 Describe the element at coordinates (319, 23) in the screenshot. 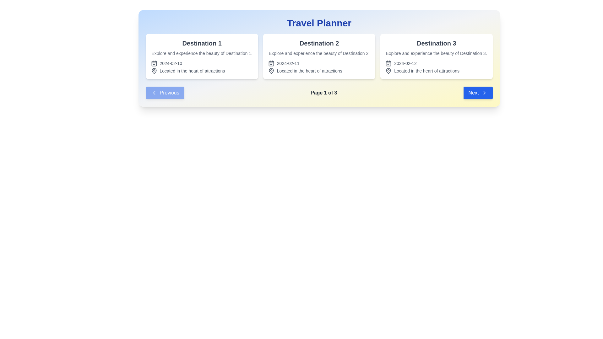

I see `the heading element indicating the purpose of the travel planner, which is located at the top of the interface above the main content` at that location.